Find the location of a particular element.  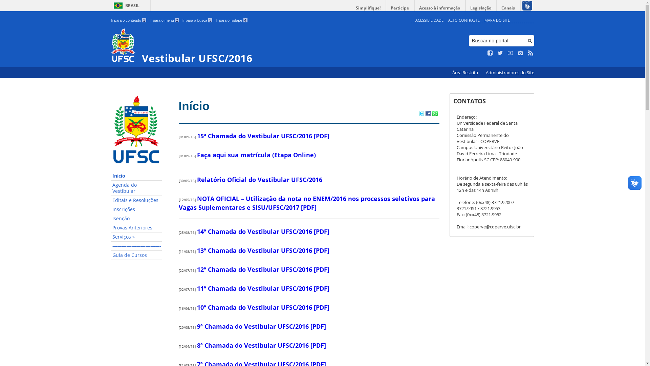

'Veja no Instagram' is located at coordinates (520, 53).